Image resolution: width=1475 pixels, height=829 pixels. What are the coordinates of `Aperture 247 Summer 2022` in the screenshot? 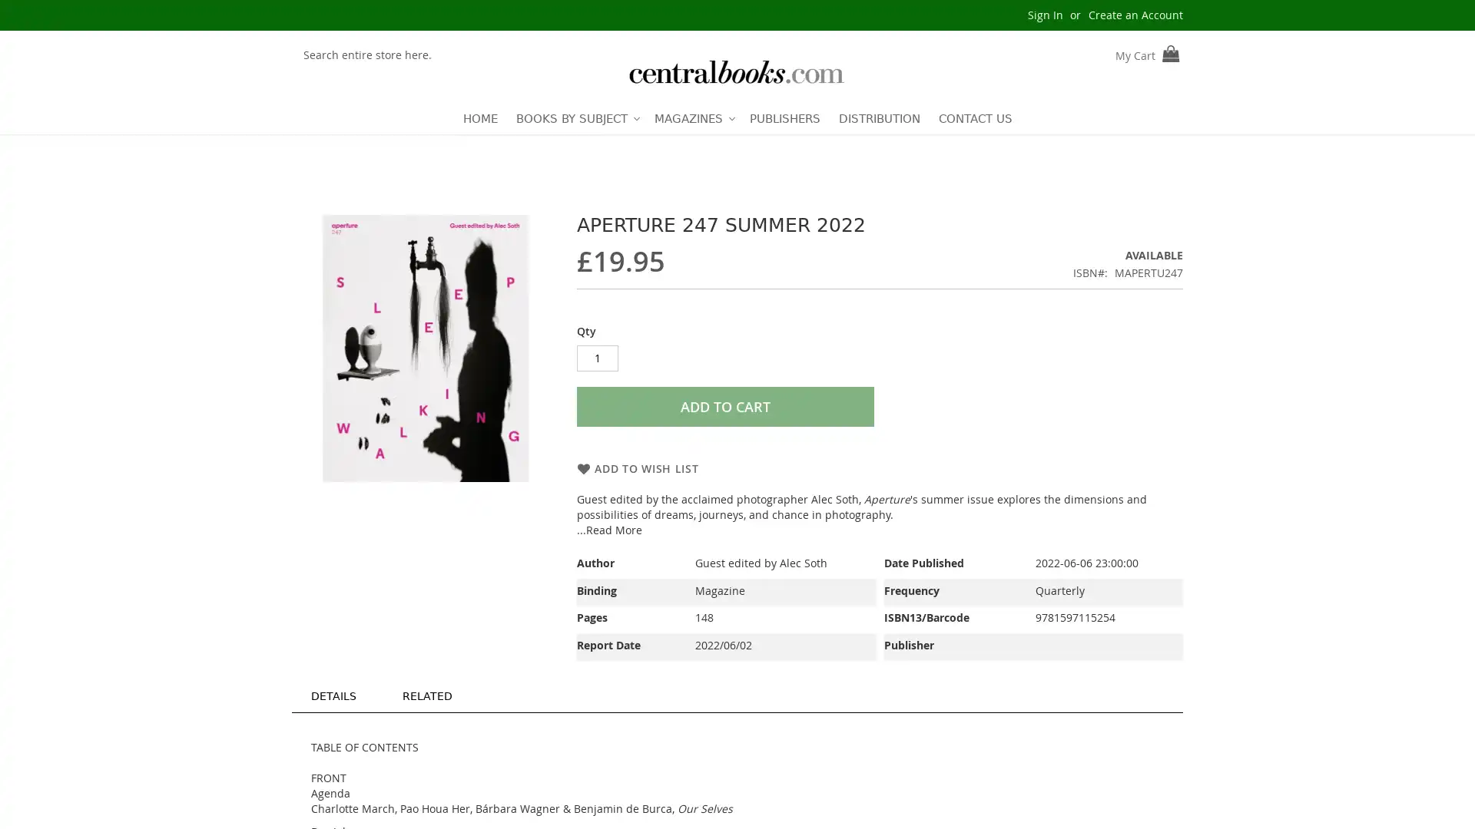 It's located at (463, 525).